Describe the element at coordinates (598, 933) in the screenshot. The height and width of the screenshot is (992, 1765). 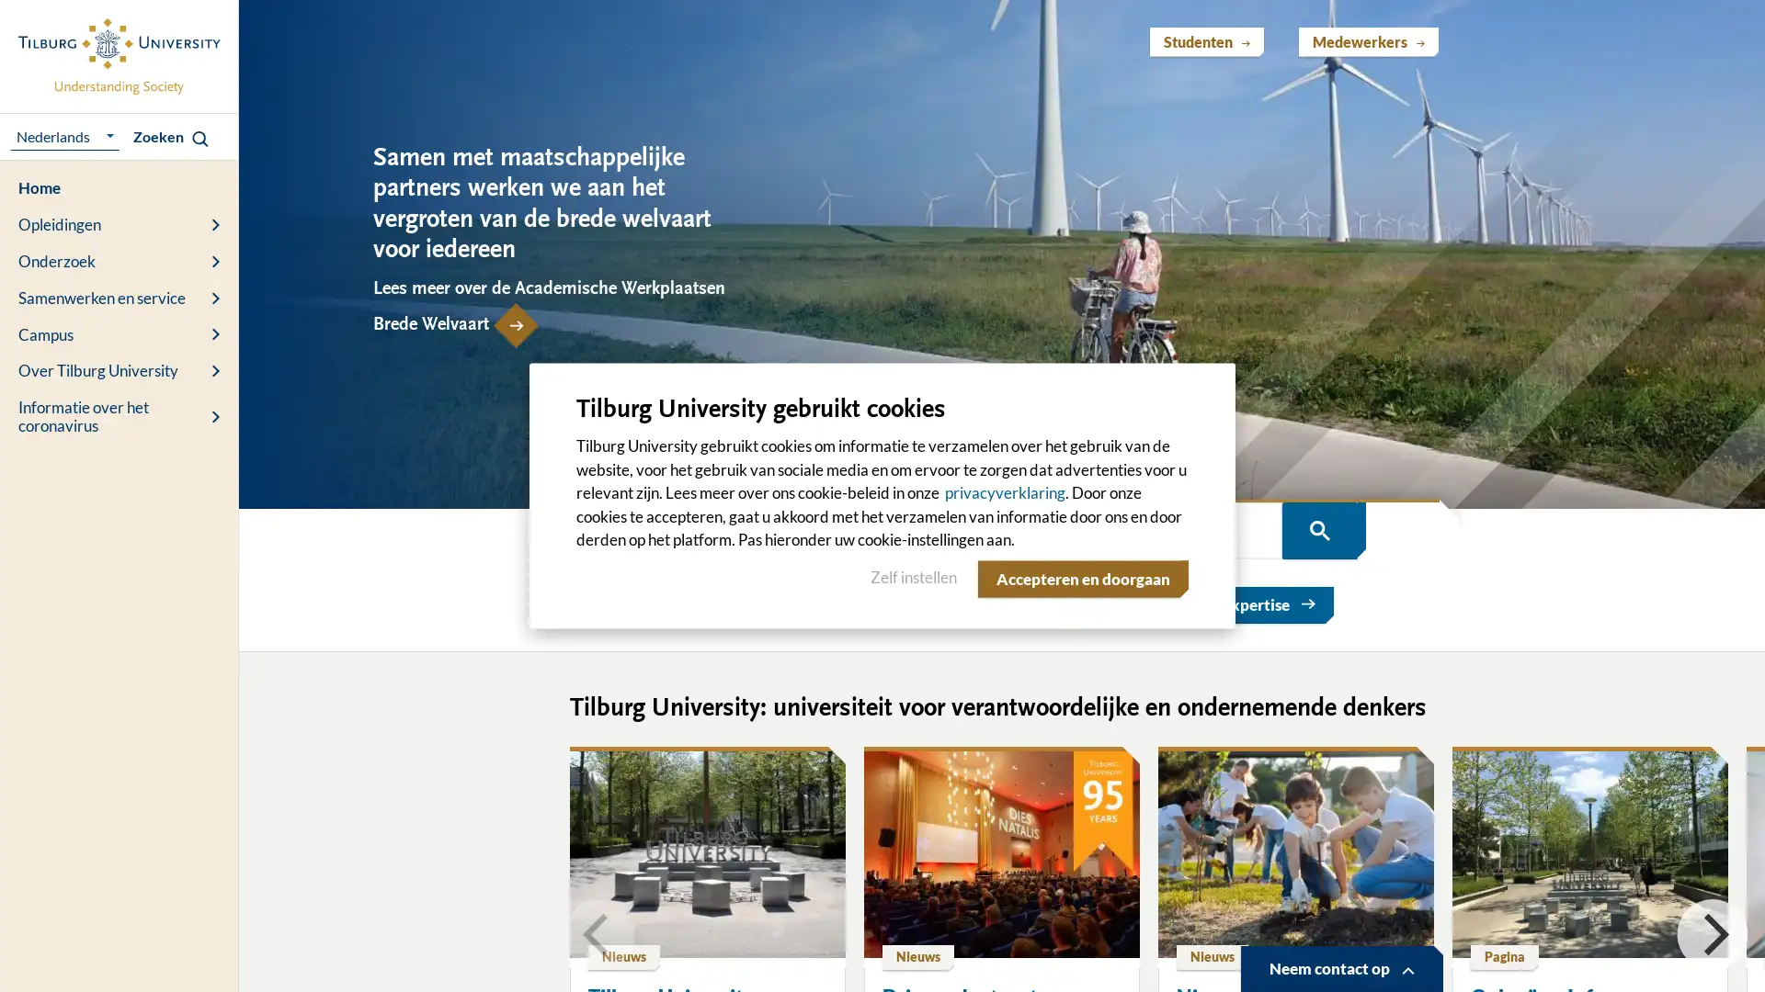
I see `previous` at that location.